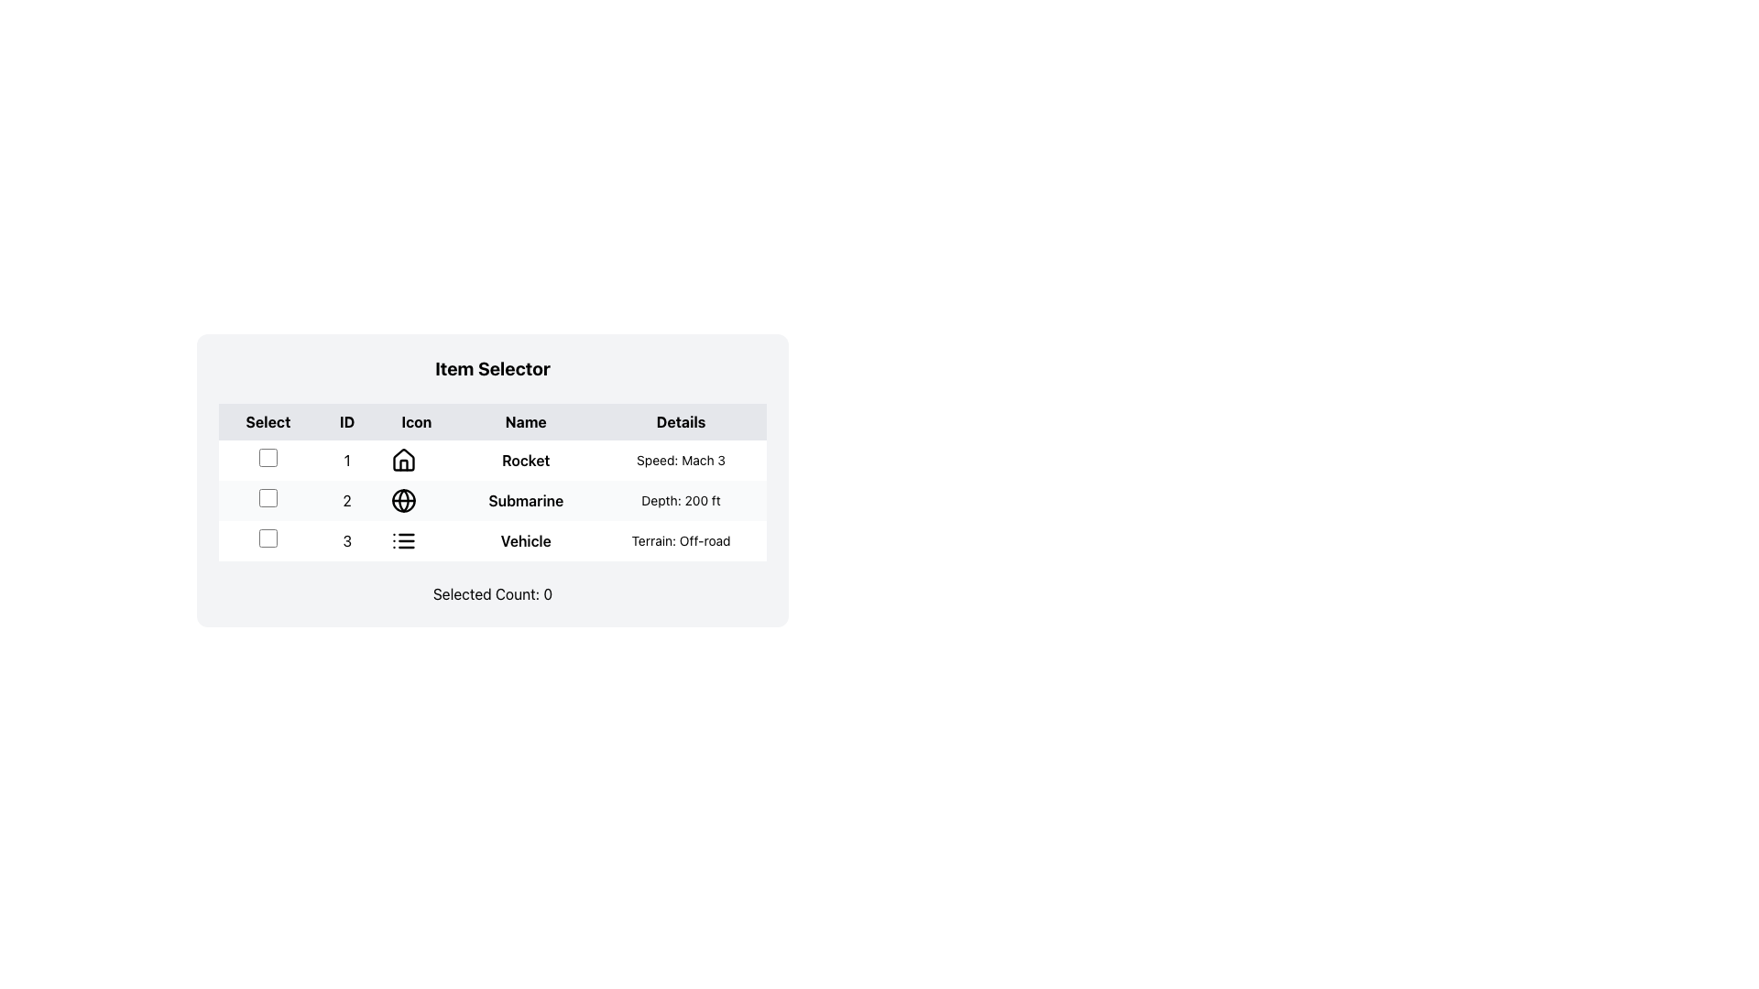 The width and height of the screenshot is (1759, 989). I want to click on the house icon representing the 'Rocket' object in the Item Selector table for information, so click(415, 459).